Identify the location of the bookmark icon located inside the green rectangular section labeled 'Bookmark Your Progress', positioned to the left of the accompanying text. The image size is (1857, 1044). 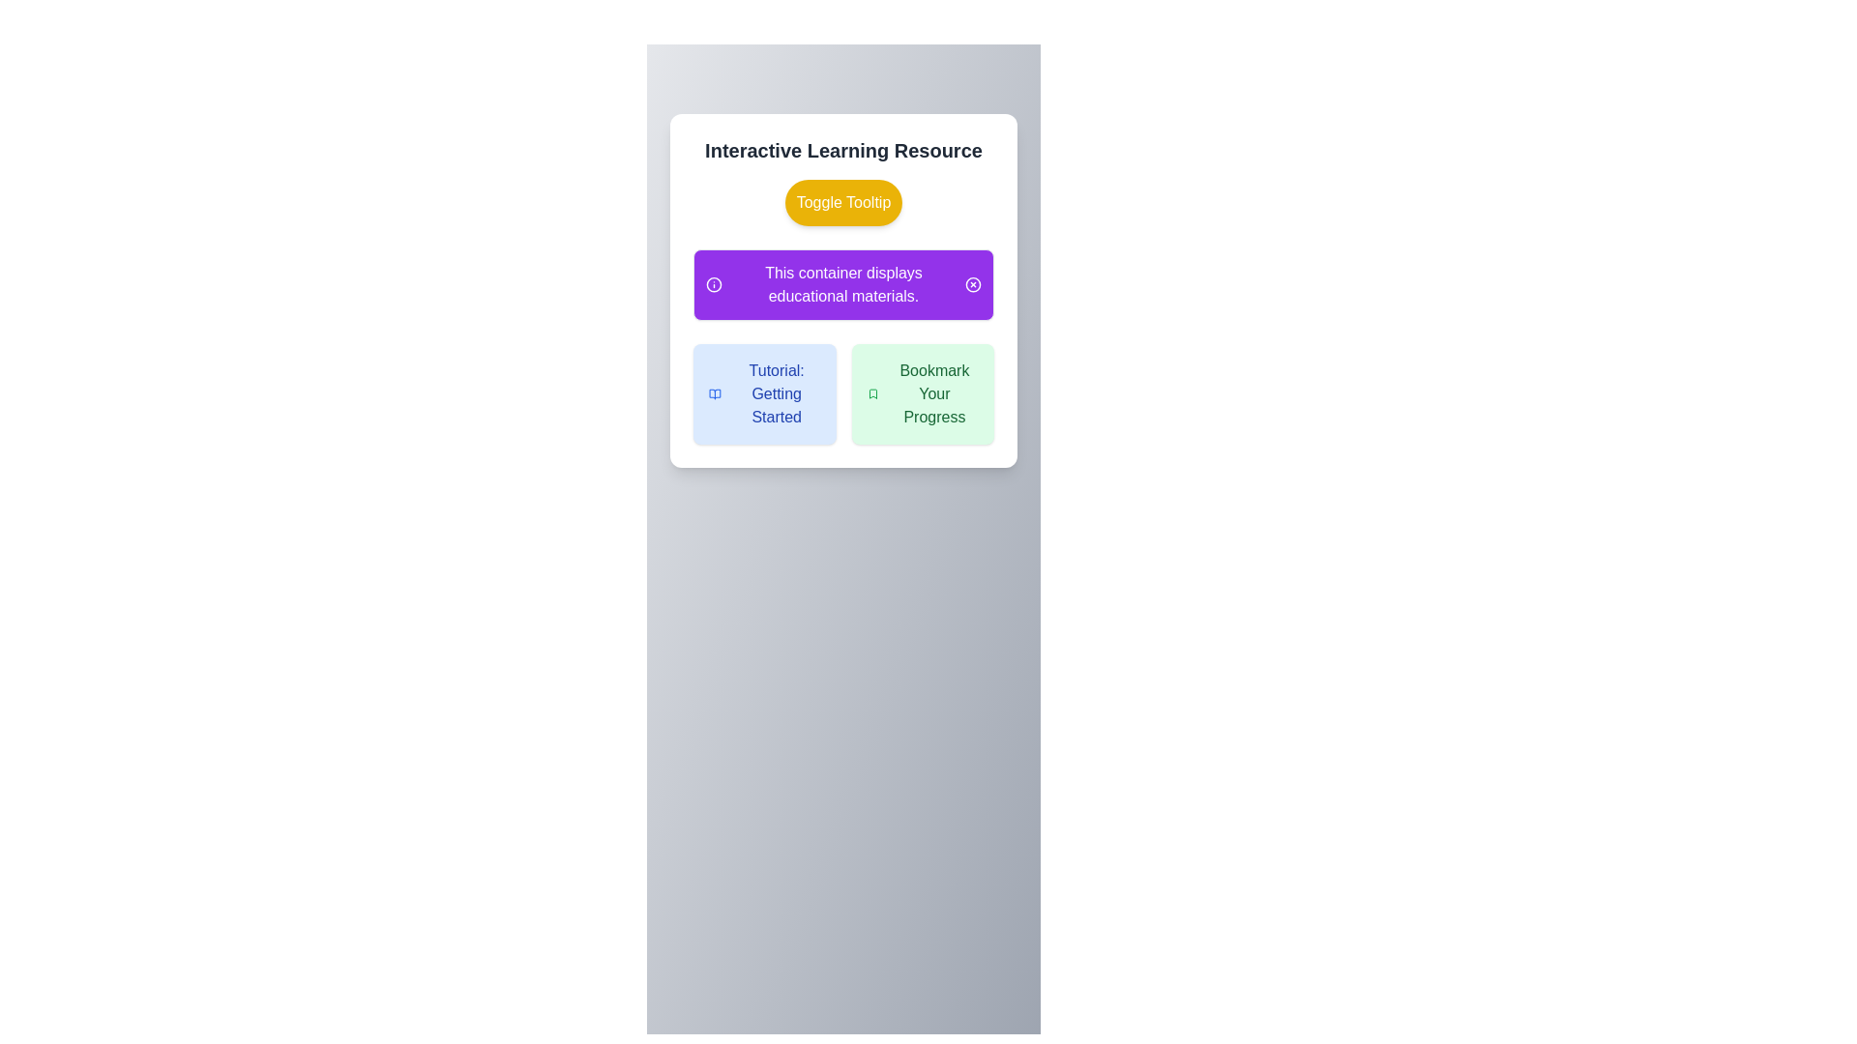
(871, 393).